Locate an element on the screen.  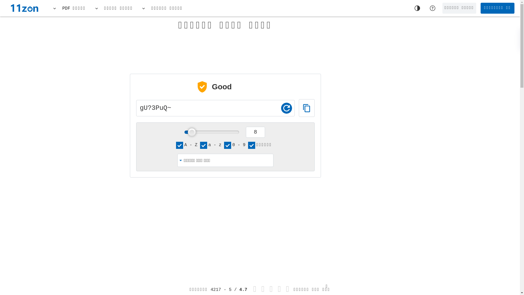
'Advertisement' is located at coordinates (305, 226).